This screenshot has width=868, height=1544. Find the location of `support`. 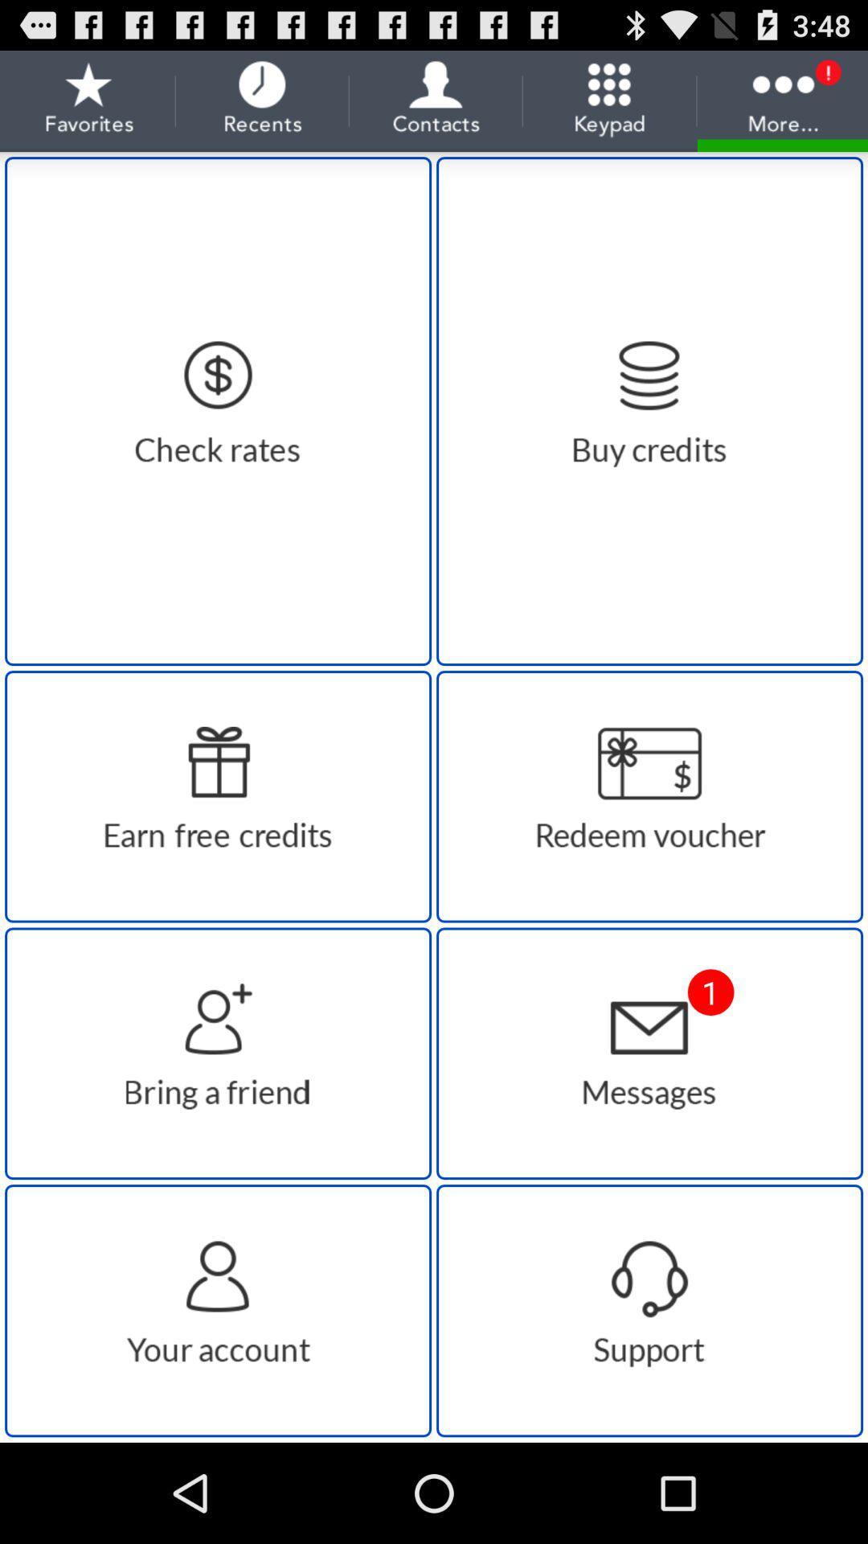

support is located at coordinates (649, 1311).